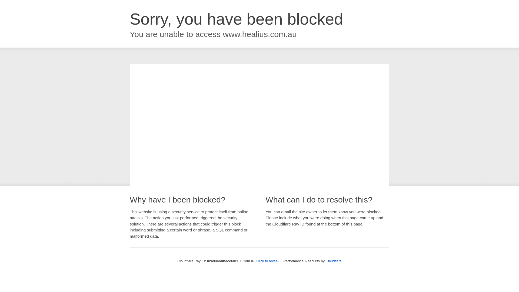 Image resolution: width=519 pixels, height=292 pixels. What do you see at coordinates (267, 261) in the screenshot?
I see `'Click to reveal'` at bounding box center [267, 261].